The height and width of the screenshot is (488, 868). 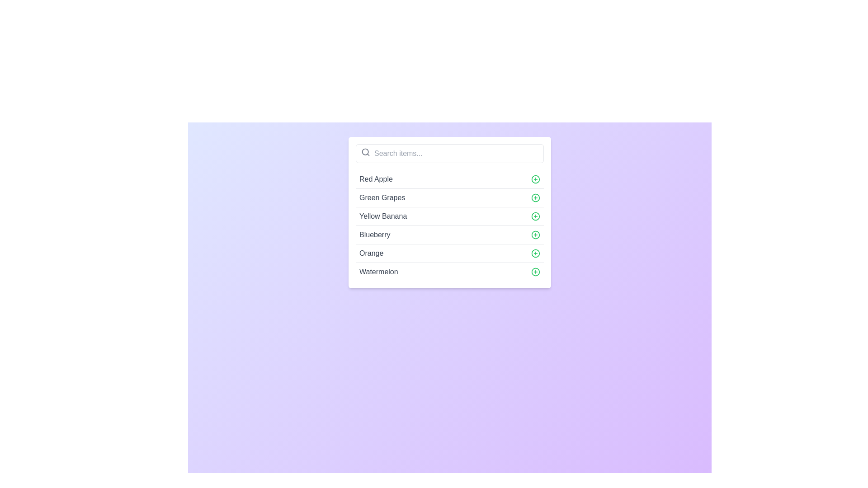 I want to click on the action button, so click(x=536, y=197).